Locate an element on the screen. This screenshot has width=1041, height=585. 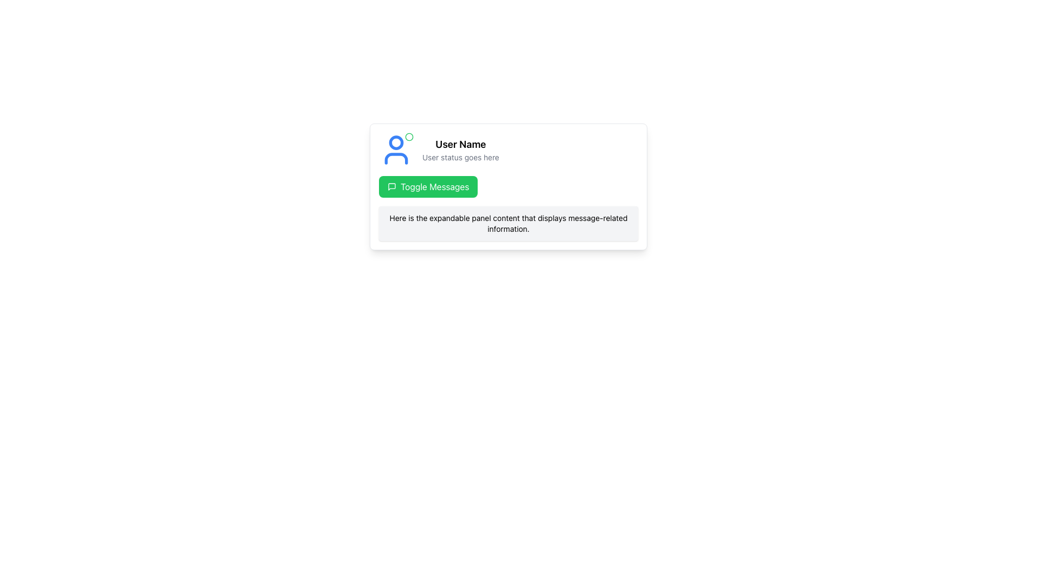
the Display panel with a gray background and rounded corners that contains the message-related information text is located at coordinates (507, 223).